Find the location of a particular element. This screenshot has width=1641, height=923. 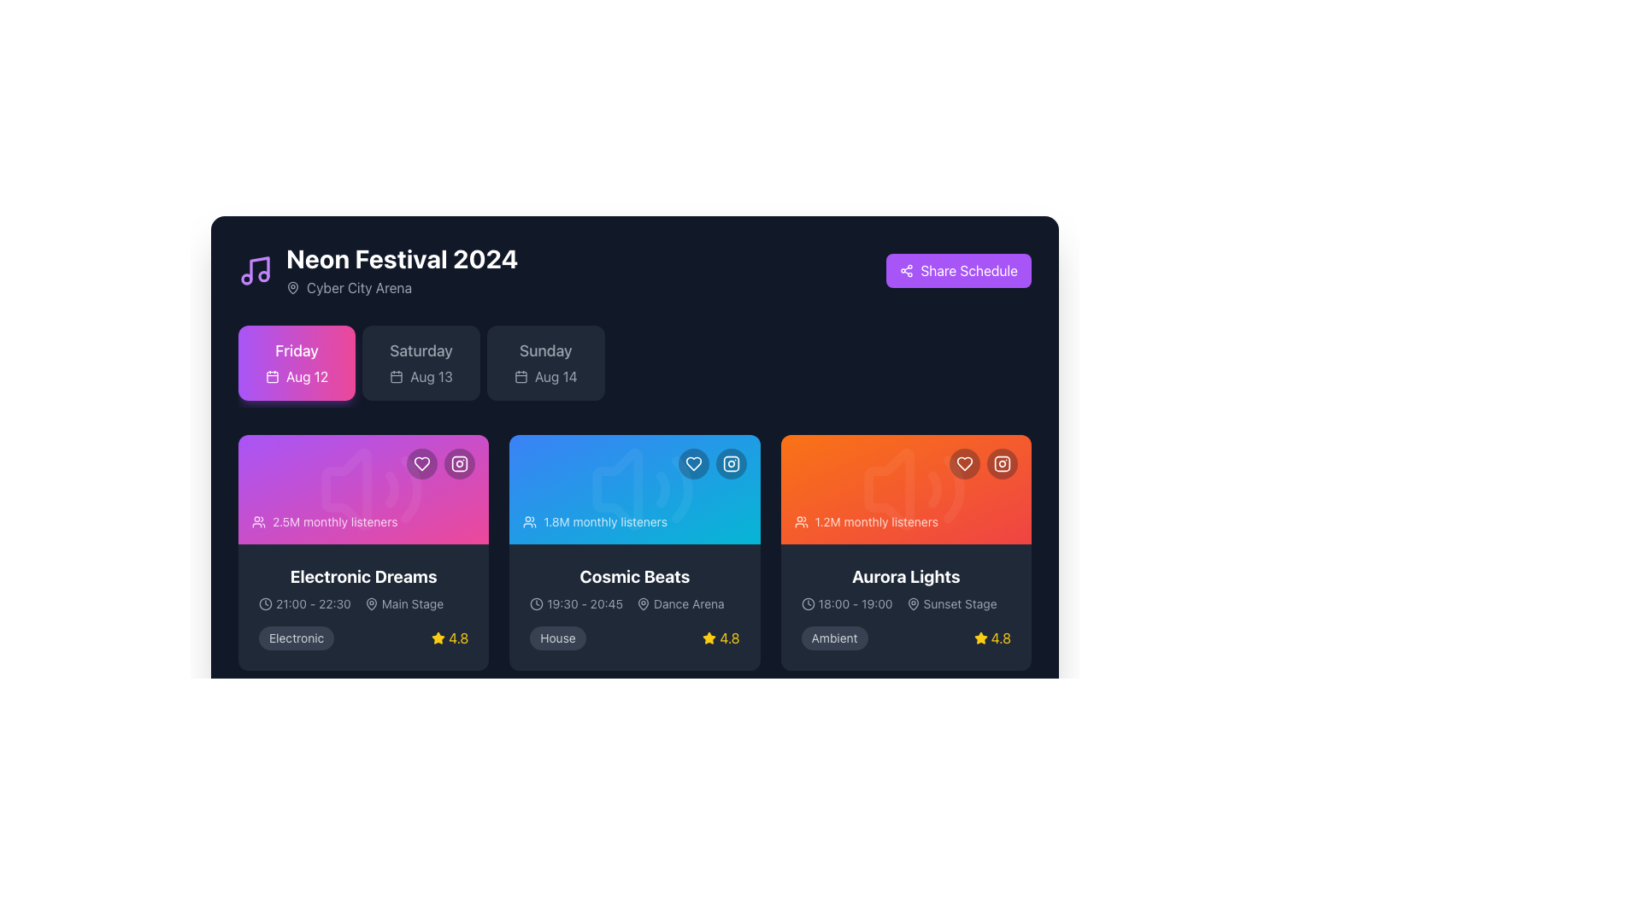

the static text label displaying '18:00 - 19:00' located in the lower-right corner of the 'Aurora Lights' card is located at coordinates (856, 603).